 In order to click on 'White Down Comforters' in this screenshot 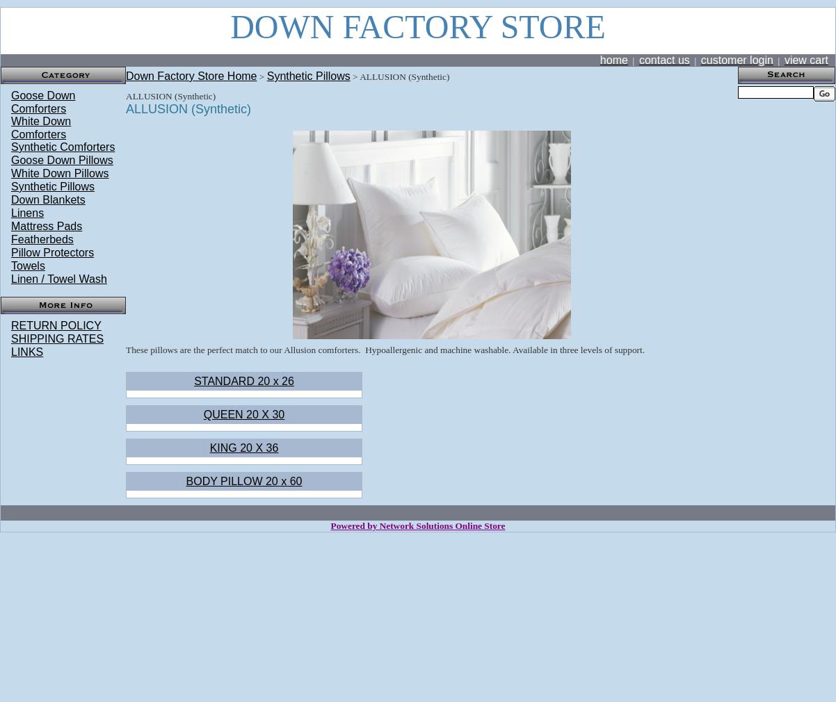, I will do `click(41, 127)`.